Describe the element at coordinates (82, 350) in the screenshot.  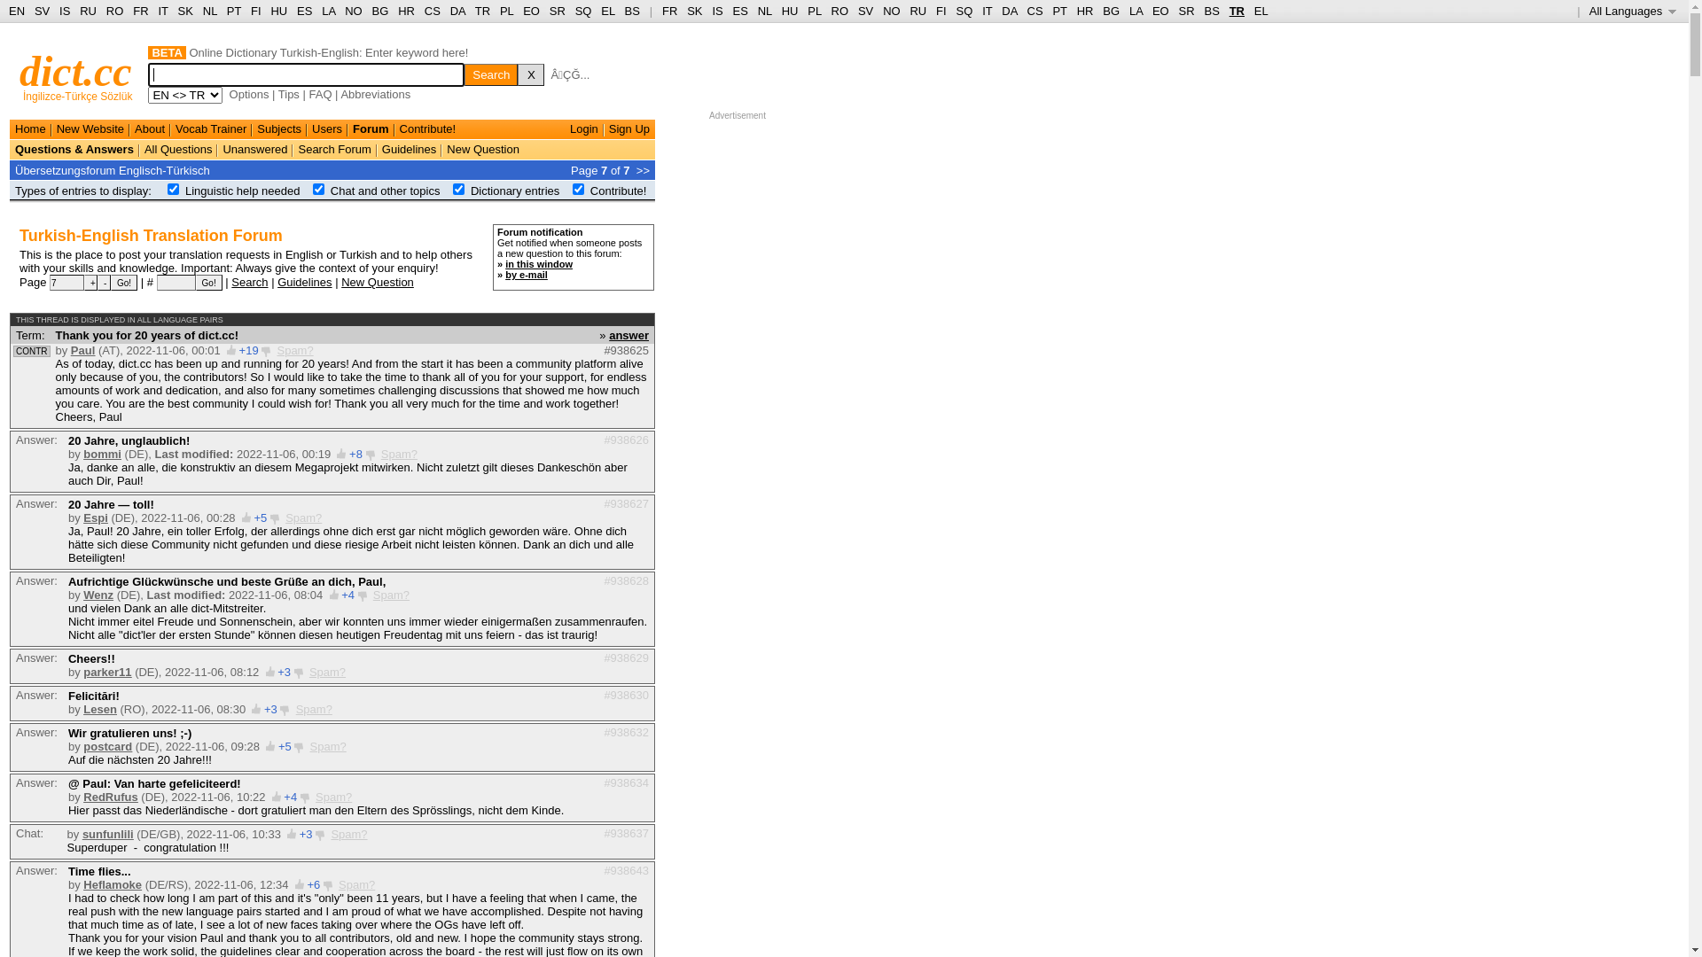
I see `'Paul'` at that location.